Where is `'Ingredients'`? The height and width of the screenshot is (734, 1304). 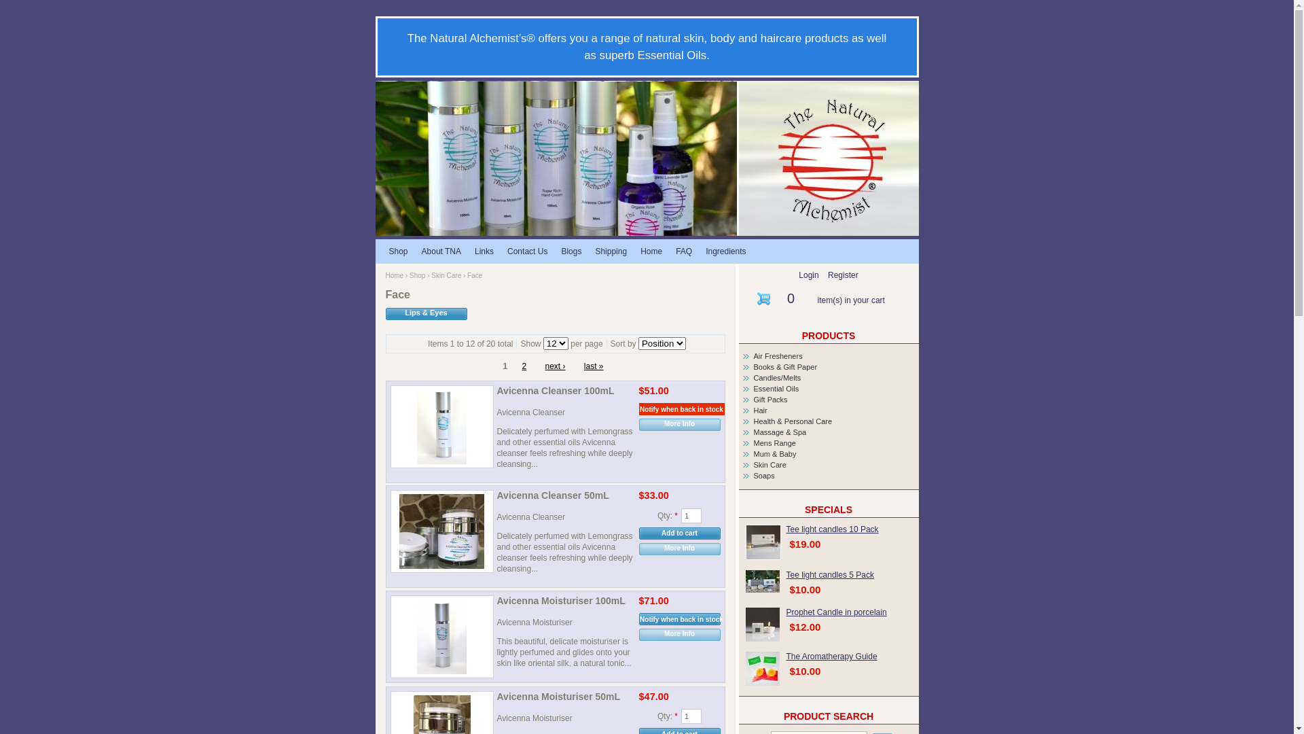
'Ingredients' is located at coordinates (725, 251).